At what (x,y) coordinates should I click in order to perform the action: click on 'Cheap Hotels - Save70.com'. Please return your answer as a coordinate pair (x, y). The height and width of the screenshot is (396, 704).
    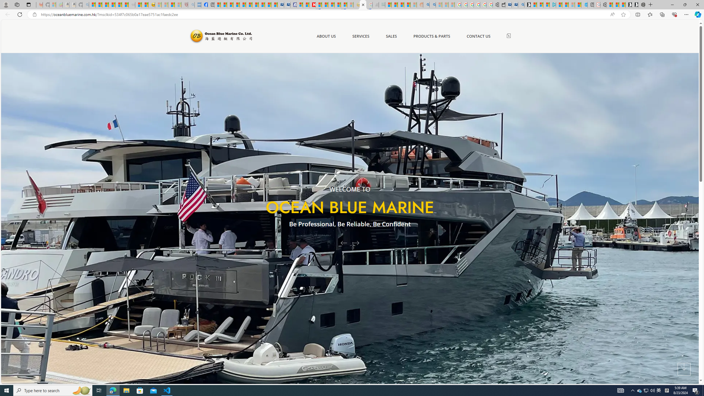
    Looking at the image, I should click on (287, 4).